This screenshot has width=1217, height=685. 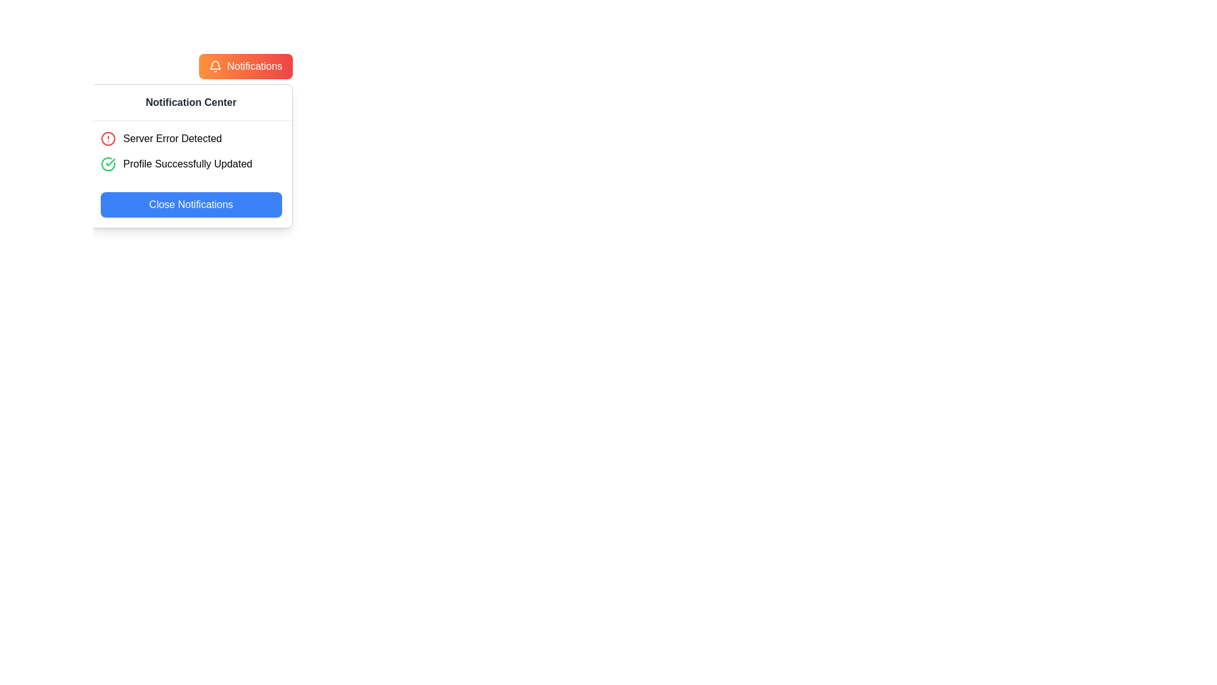 I want to click on the button located at the top of the notification panel, so click(x=246, y=66).